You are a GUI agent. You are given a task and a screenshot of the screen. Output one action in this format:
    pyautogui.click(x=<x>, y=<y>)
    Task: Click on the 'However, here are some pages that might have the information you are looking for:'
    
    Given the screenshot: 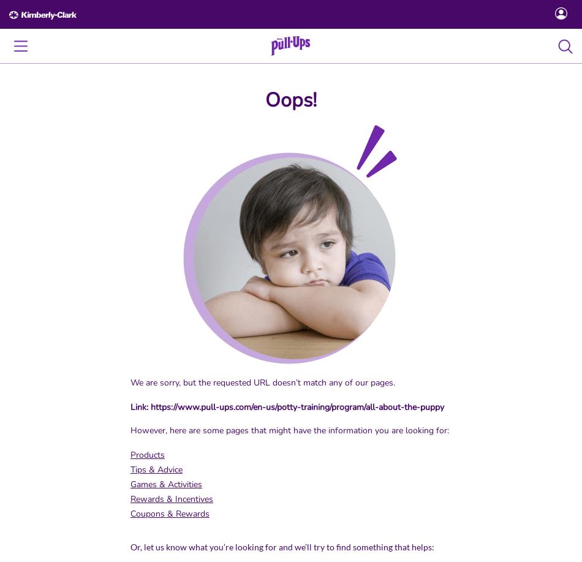 What is the action you would take?
    pyautogui.click(x=288, y=430)
    